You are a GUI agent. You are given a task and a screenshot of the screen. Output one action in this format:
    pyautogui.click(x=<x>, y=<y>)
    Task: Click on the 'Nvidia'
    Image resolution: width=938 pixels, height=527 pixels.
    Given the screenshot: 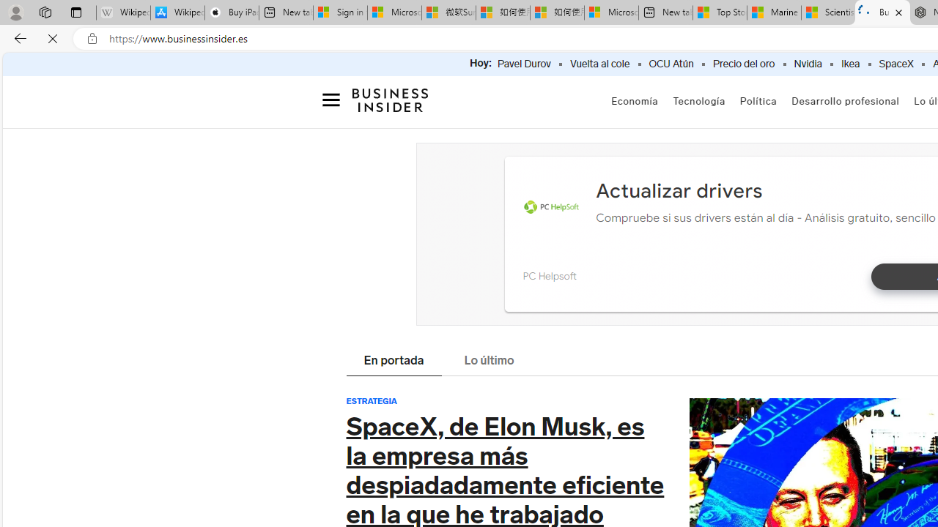 What is the action you would take?
    pyautogui.click(x=807, y=64)
    